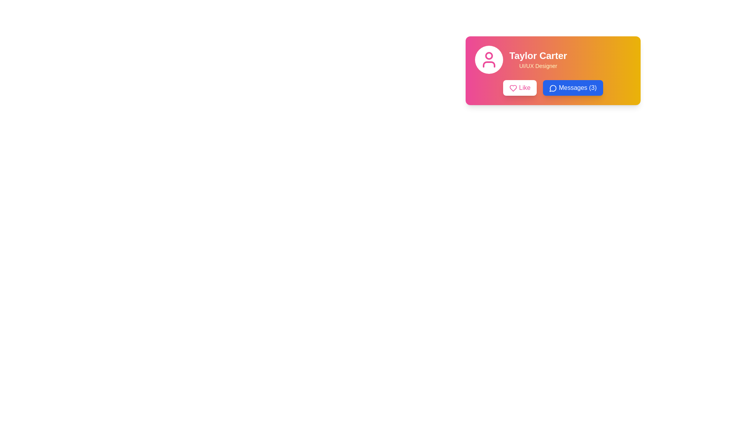 This screenshot has width=750, height=422. Describe the element at coordinates (552, 88) in the screenshot. I see `the messaging notifications icon located within the 'Messages (3)' button on the card for user 'Taylor Carter', which is positioned on the lower right side of the card` at that location.